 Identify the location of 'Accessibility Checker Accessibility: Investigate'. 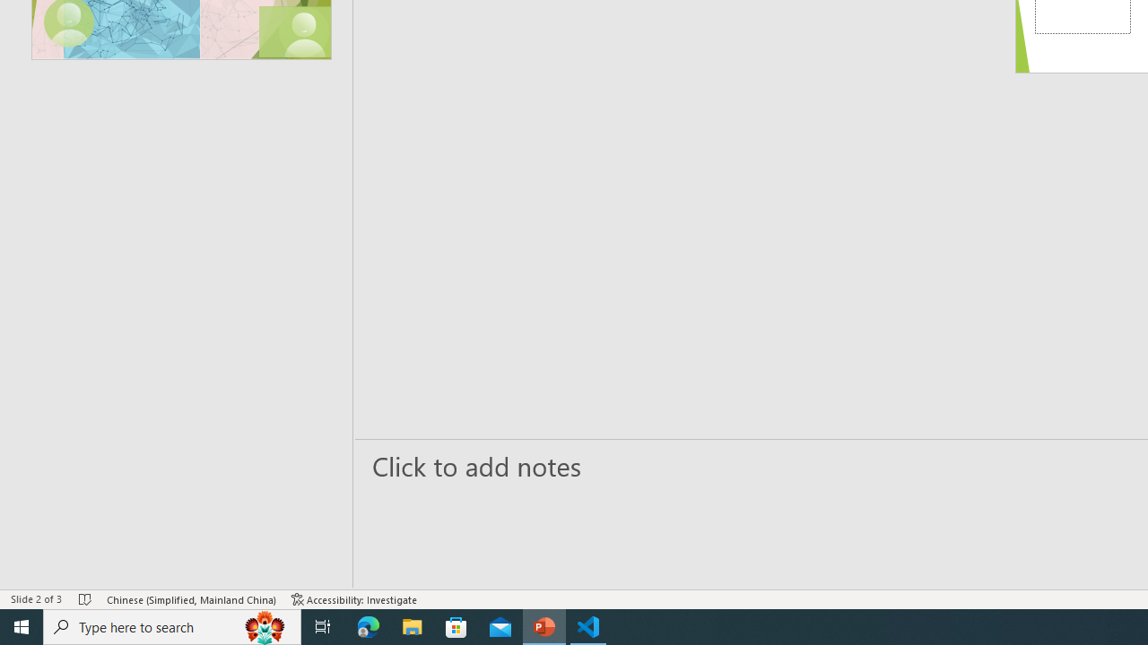
(354, 599).